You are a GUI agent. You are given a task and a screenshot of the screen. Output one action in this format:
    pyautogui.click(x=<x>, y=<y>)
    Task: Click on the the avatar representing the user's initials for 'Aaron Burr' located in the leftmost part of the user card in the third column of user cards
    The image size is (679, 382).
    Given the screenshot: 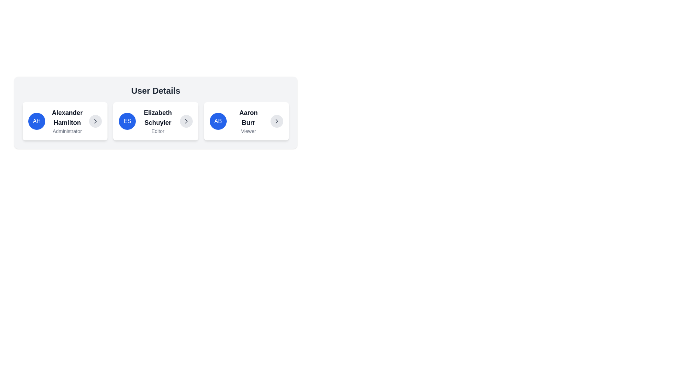 What is the action you would take?
    pyautogui.click(x=217, y=121)
    